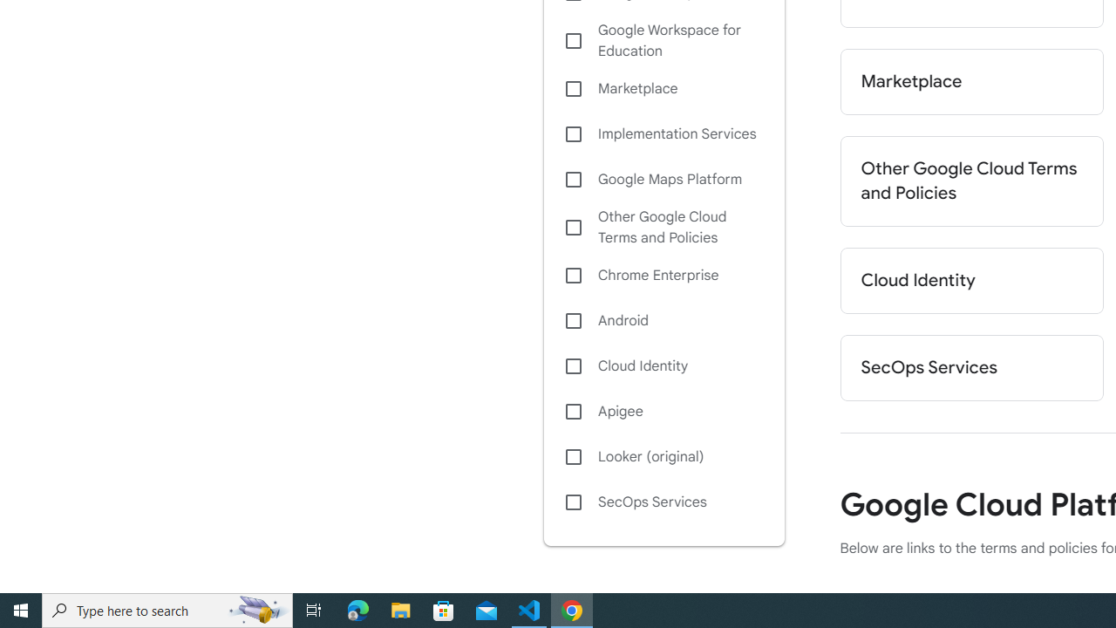 The height and width of the screenshot is (628, 1116). Describe the element at coordinates (663, 133) in the screenshot. I see `'Implementation Services'` at that location.